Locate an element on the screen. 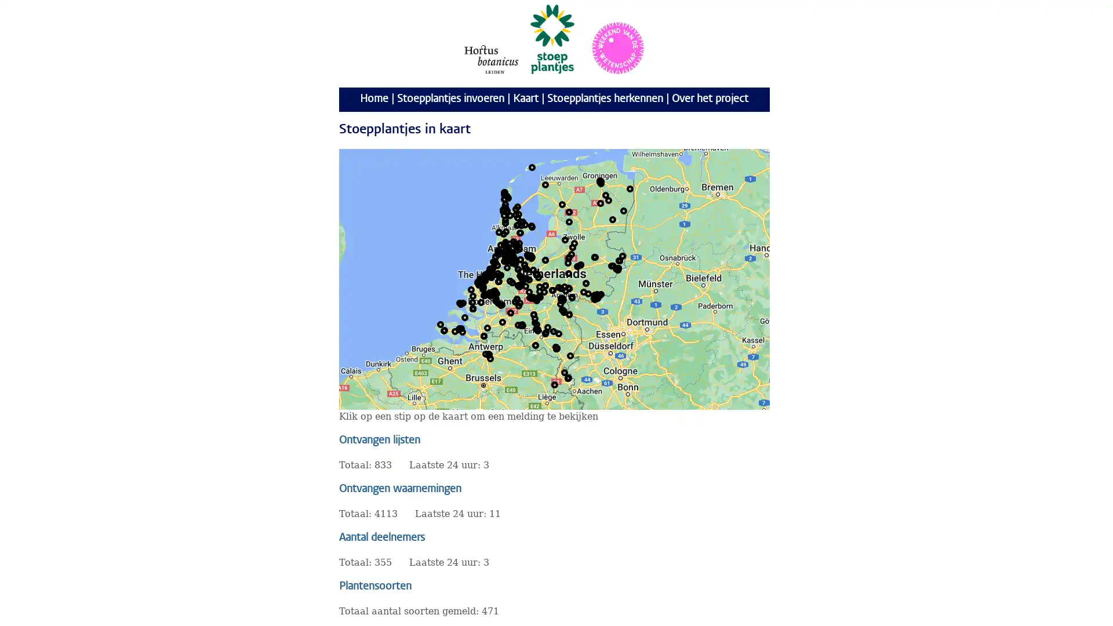  Telling van Anne Cox op 26 februari 2022 is located at coordinates (570, 355).